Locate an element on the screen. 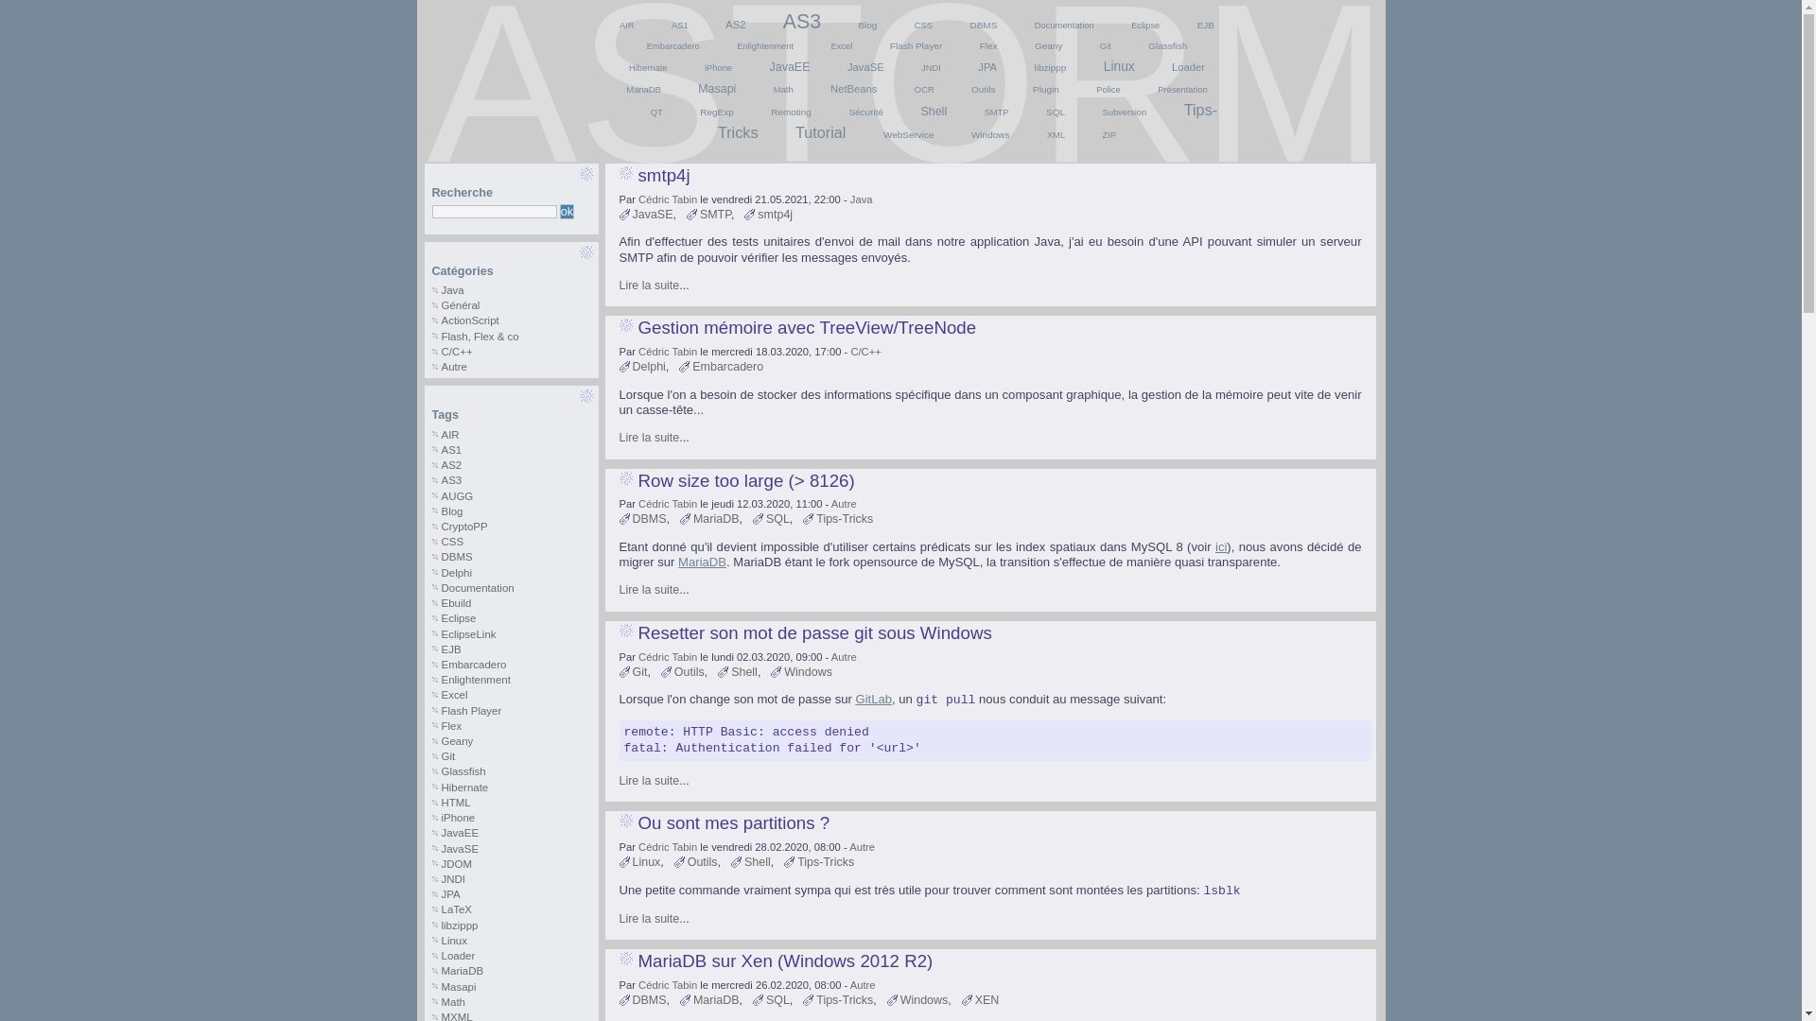  'JPA' is located at coordinates (448, 893).